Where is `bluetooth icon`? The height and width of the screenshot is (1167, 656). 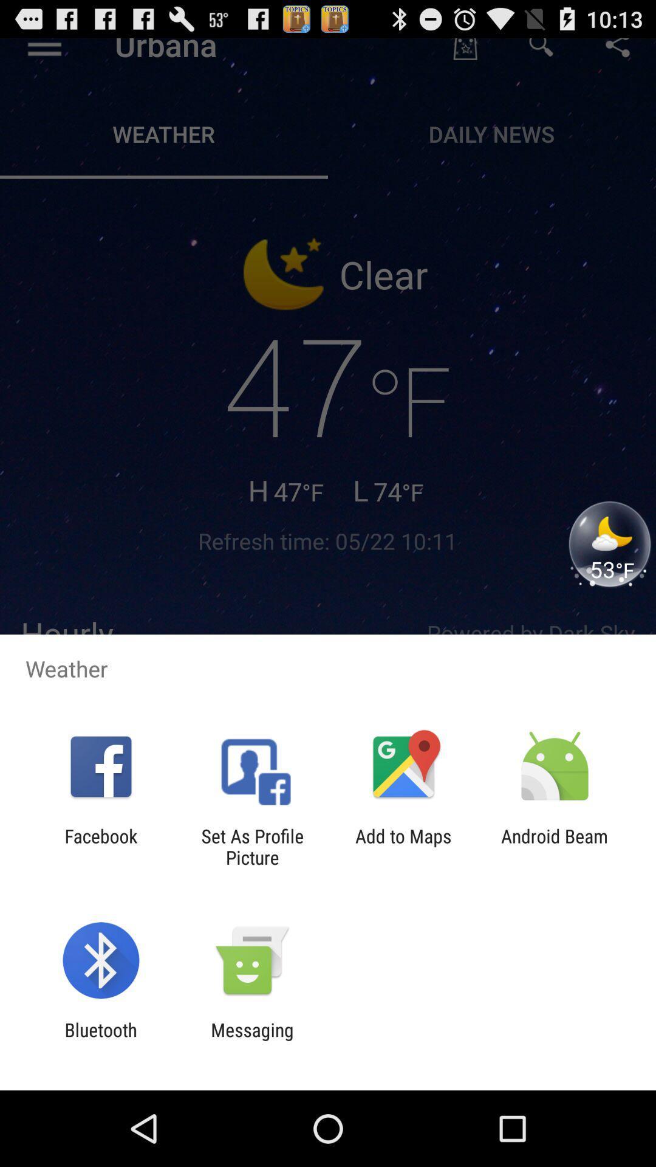
bluetooth icon is located at coordinates (100, 1040).